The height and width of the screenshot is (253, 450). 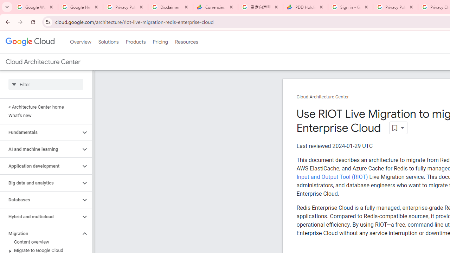 What do you see at coordinates (40, 233) in the screenshot?
I see `'Migration'` at bounding box center [40, 233].